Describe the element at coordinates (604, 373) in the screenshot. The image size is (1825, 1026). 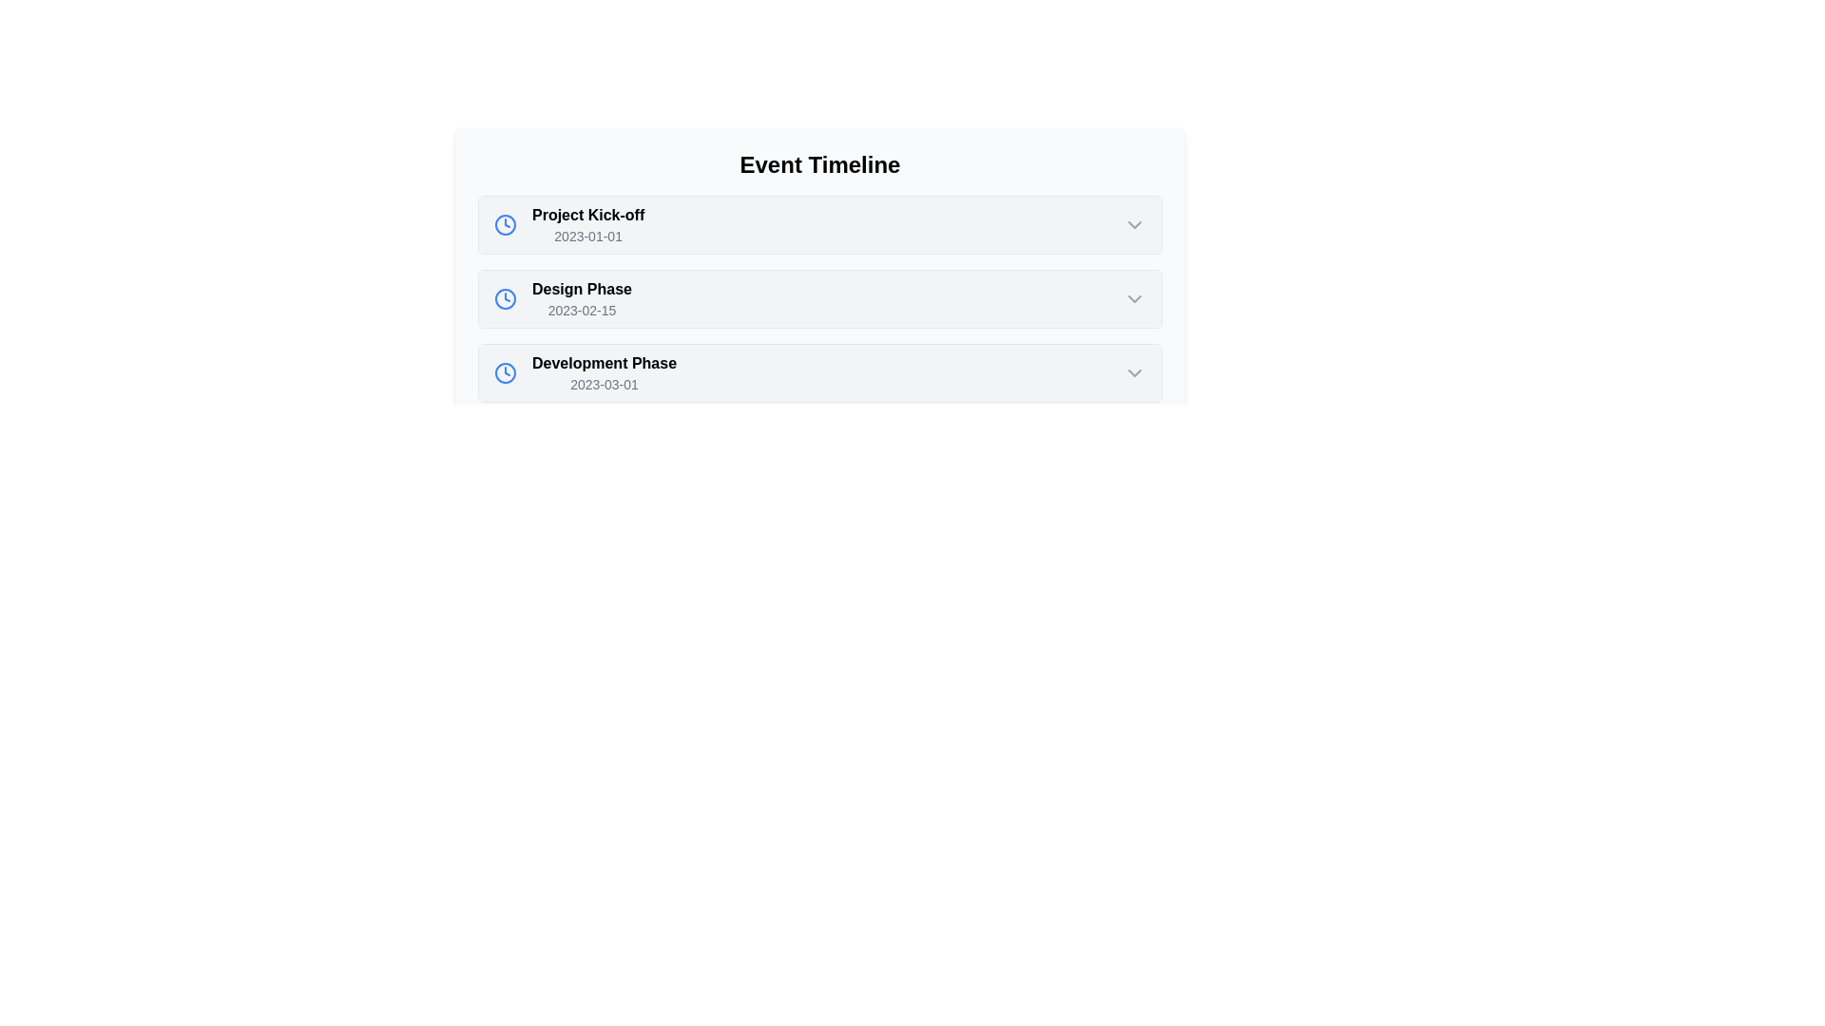
I see `the text block titled 'Development Phase' which is part of the Event Timeline, located between 'Design Phase' and subsequent entries` at that location.